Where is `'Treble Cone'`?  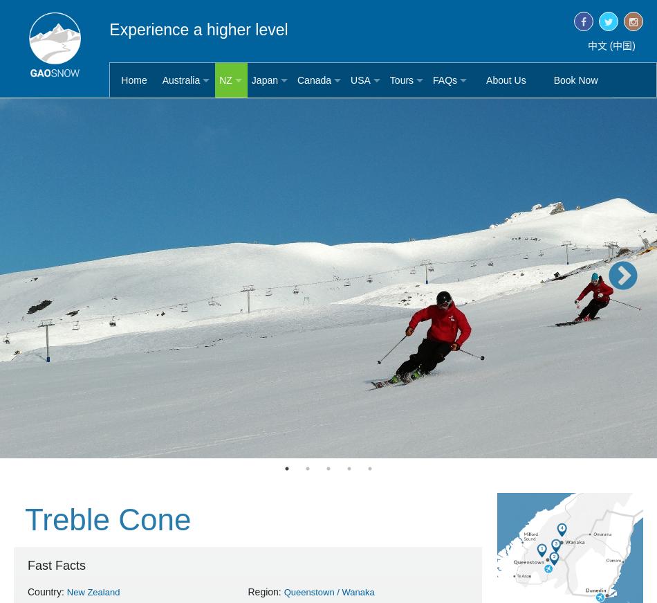 'Treble Cone' is located at coordinates (107, 519).